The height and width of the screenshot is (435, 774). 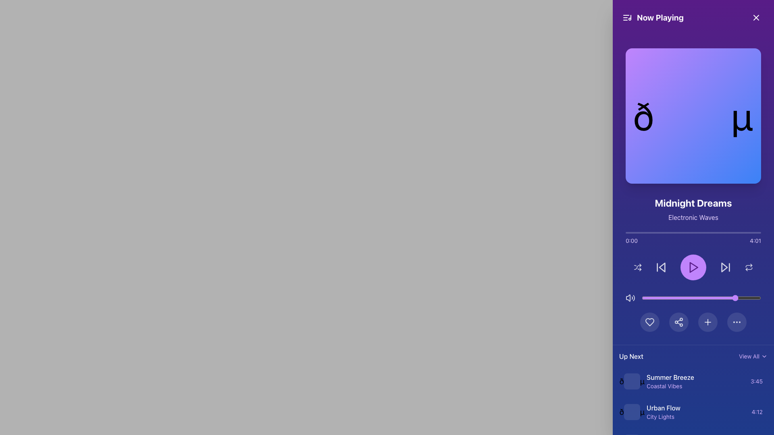 What do you see at coordinates (693, 233) in the screenshot?
I see `the progress bar indicating the playback progress of the current media track to modify playback position` at bounding box center [693, 233].